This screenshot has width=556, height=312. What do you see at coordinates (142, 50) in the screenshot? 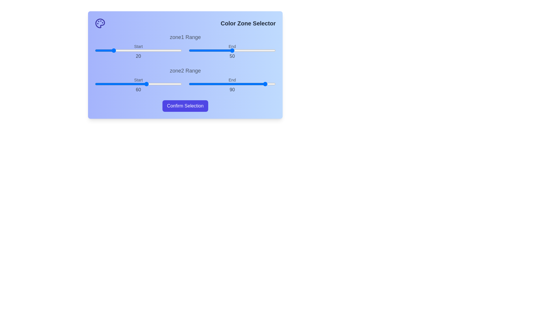
I see `the start range slider for zone1 to 54` at bounding box center [142, 50].